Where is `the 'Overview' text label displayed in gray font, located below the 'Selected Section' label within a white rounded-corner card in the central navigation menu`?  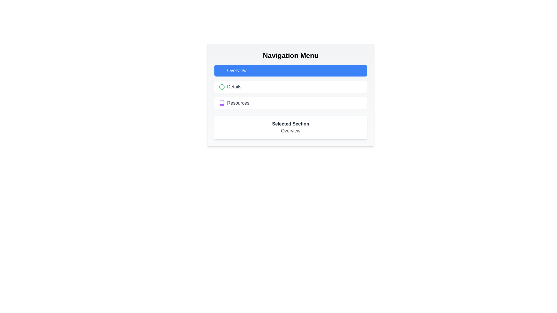
the 'Overview' text label displayed in gray font, located below the 'Selected Section' label within a white rounded-corner card in the central navigation menu is located at coordinates (291, 131).